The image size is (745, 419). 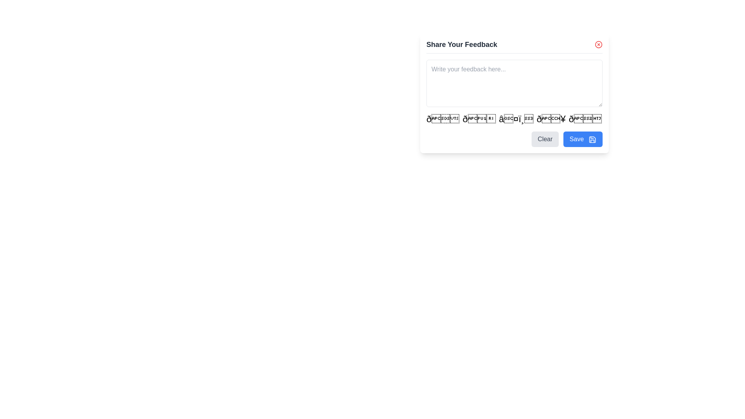 What do you see at coordinates (583, 139) in the screenshot?
I see `the 'Save' button with a blue background and white text, located in the bottom-right area of the 'Share Your Feedback' modal, to change its shade` at bounding box center [583, 139].